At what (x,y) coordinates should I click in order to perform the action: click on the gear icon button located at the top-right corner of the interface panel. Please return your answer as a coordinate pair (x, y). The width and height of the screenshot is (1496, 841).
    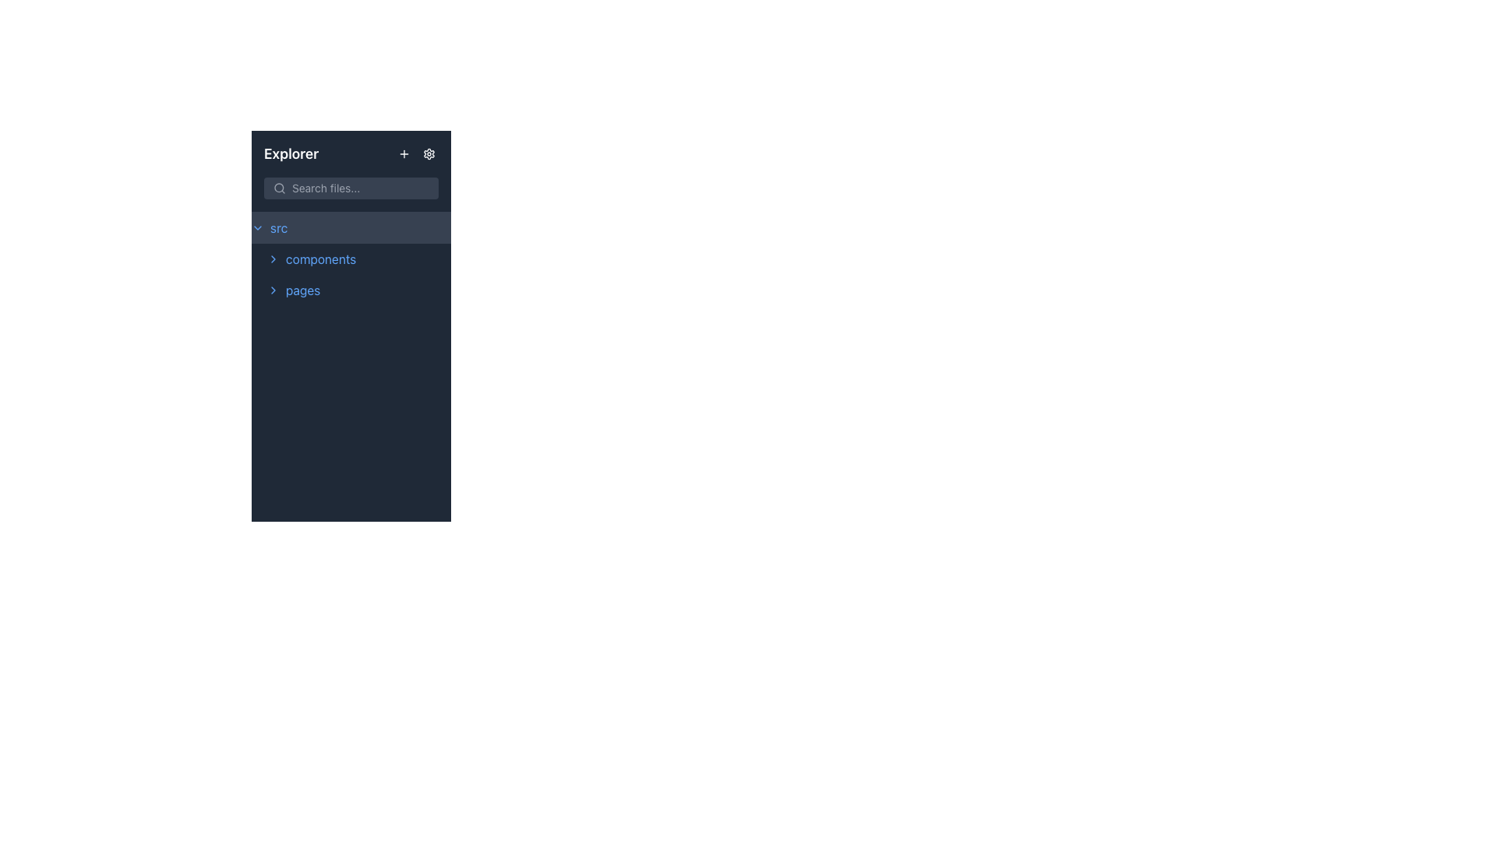
    Looking at the image, I should click on (429, 153).